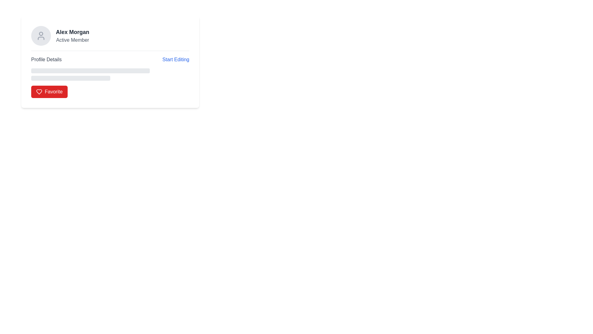 The width and height of the screenshot is (593, 334). Describe the element at coordinates (71, 78) in the screenshot. I see `the visual placeholder (skeleton loader) which is a horizontal gray bar with rounded corners, located below a wider bar in a vertically stacked group` at that location.